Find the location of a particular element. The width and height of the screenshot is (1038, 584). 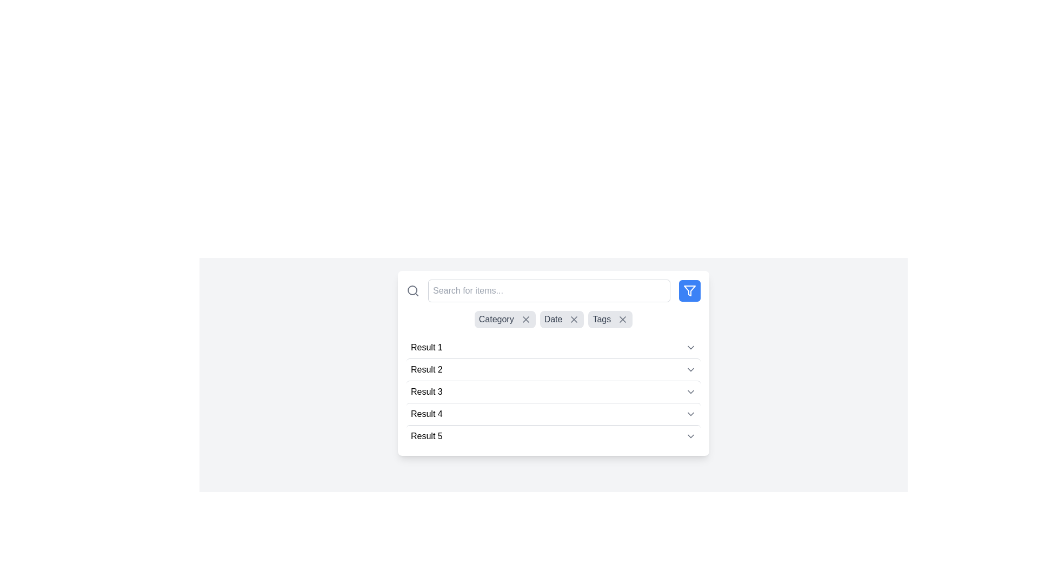

the Icon button located to the right of the 'Date' label is located at coordinates (574, 318).